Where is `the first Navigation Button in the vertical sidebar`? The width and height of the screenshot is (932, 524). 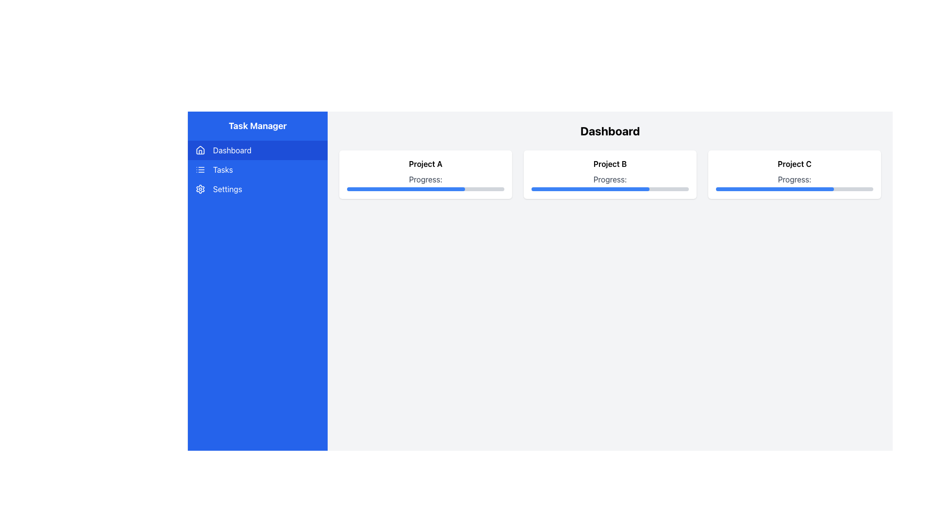 the first Navigation Button in the vertical sidebar is located at coordinates (258, 150).